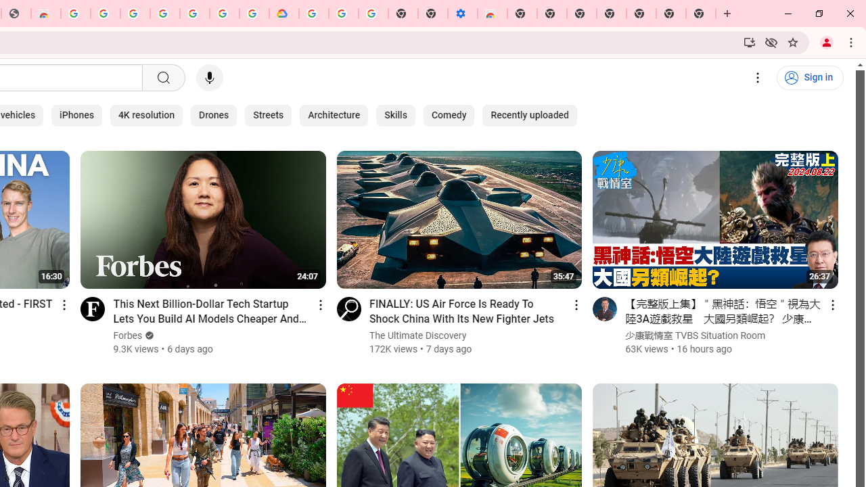 This screenshot has height=487, width=866. Describe the element at coordinates (604, 308) in the screenshot. I see `'Go to channel'` at that location.